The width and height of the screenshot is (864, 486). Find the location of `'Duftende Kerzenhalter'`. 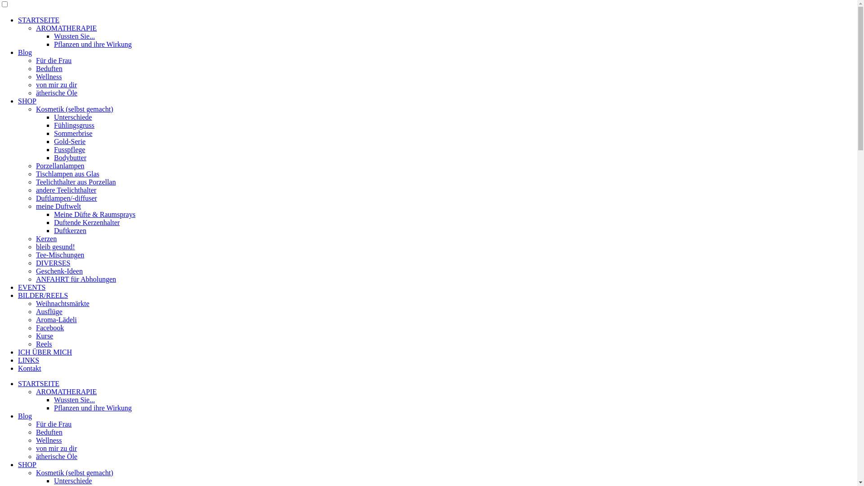

'Duftende Kerzenhalter' is located at coordinates (86, 222).